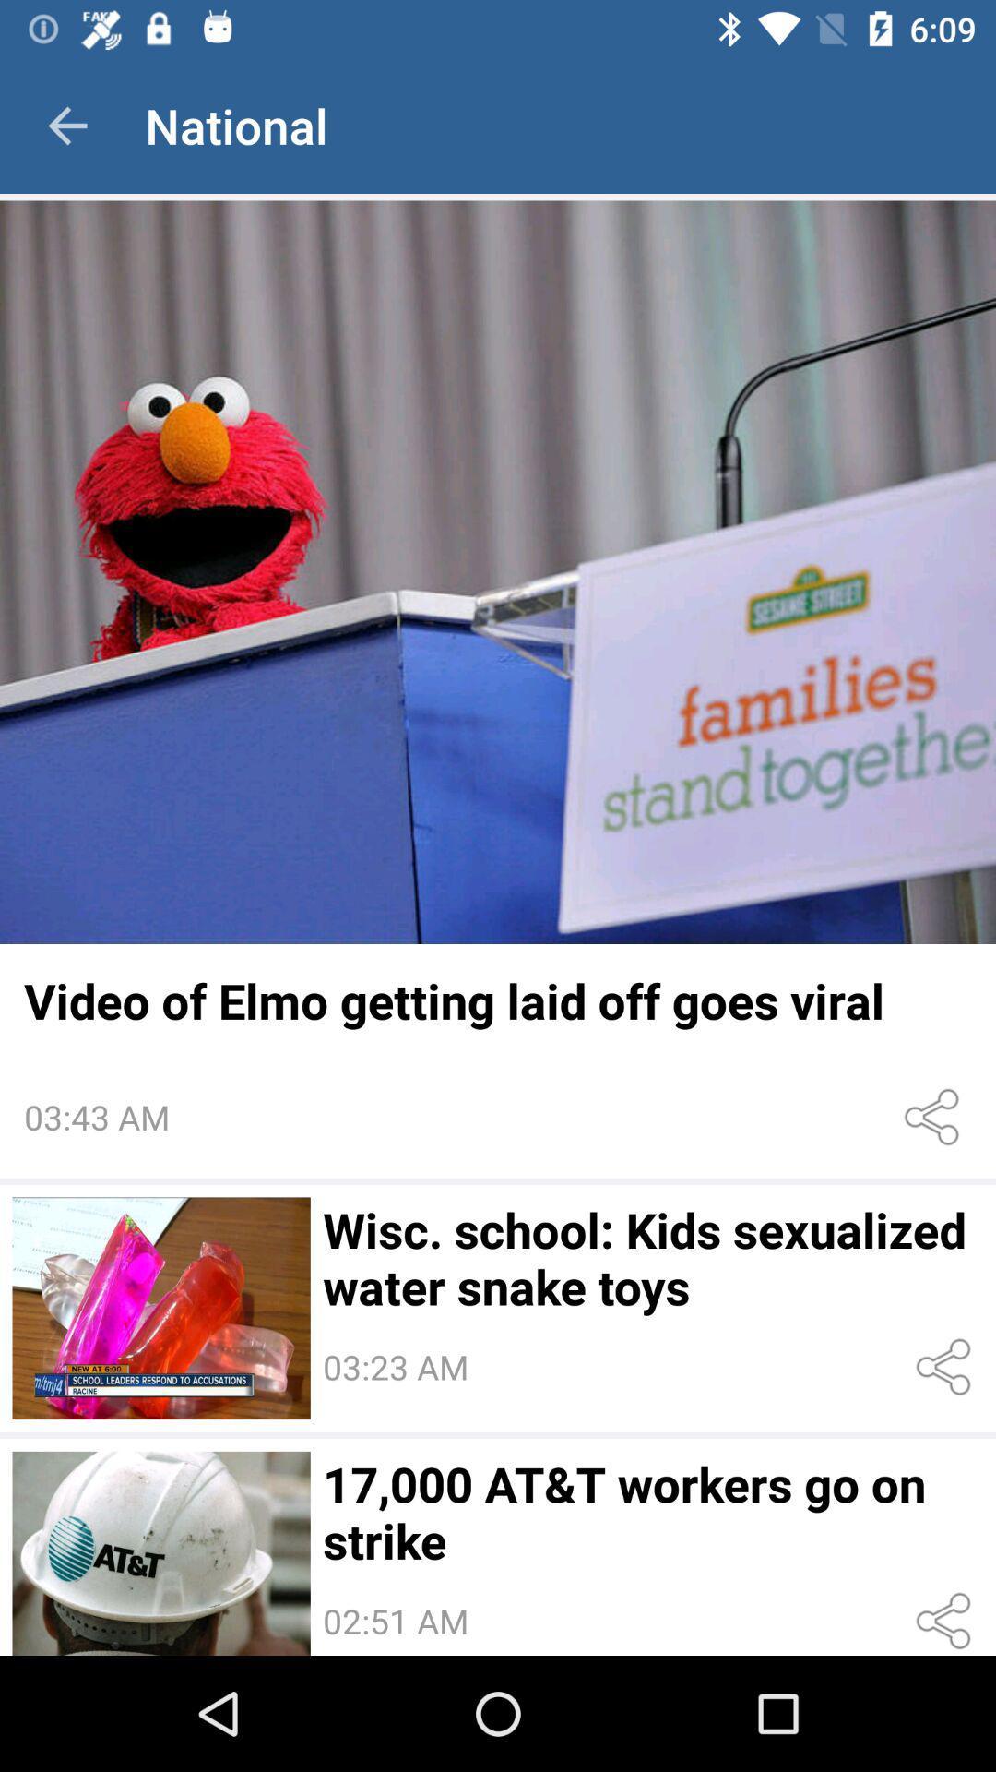 The image size is (996, 1772). I want to click on the icon next to the national, so click(66, 125).